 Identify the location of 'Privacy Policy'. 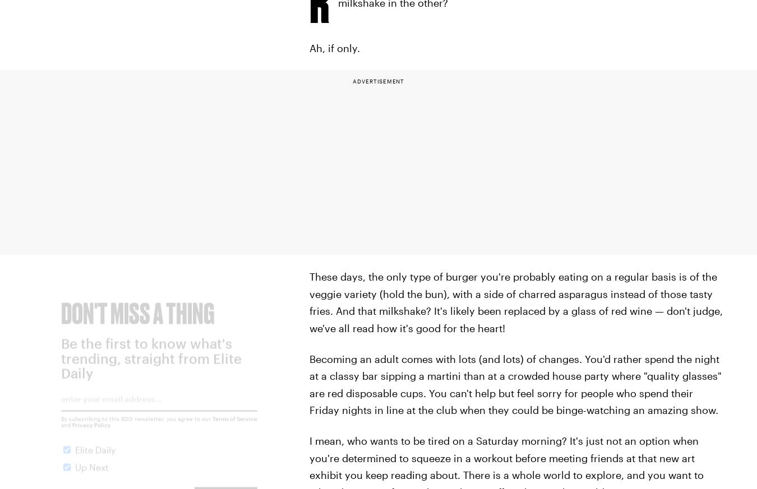
(91, 433).